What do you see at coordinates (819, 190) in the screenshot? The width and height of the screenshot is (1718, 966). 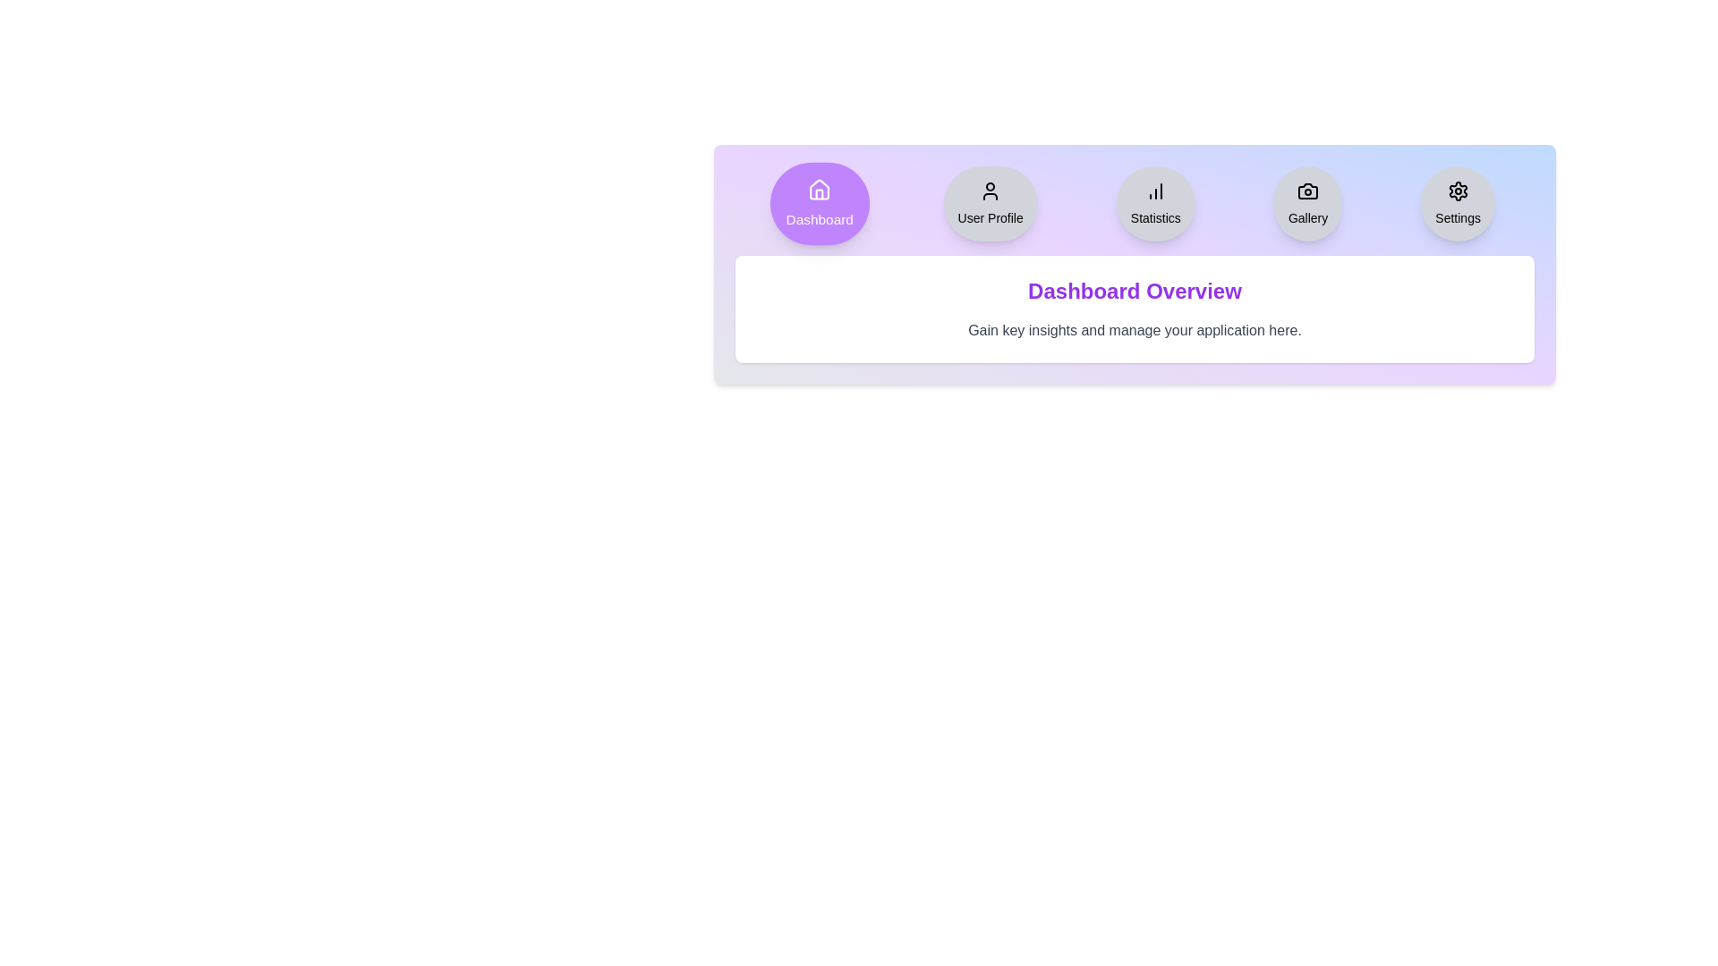 I see `the house icon in the dashboard navigation` at bounding box center [819, 190].